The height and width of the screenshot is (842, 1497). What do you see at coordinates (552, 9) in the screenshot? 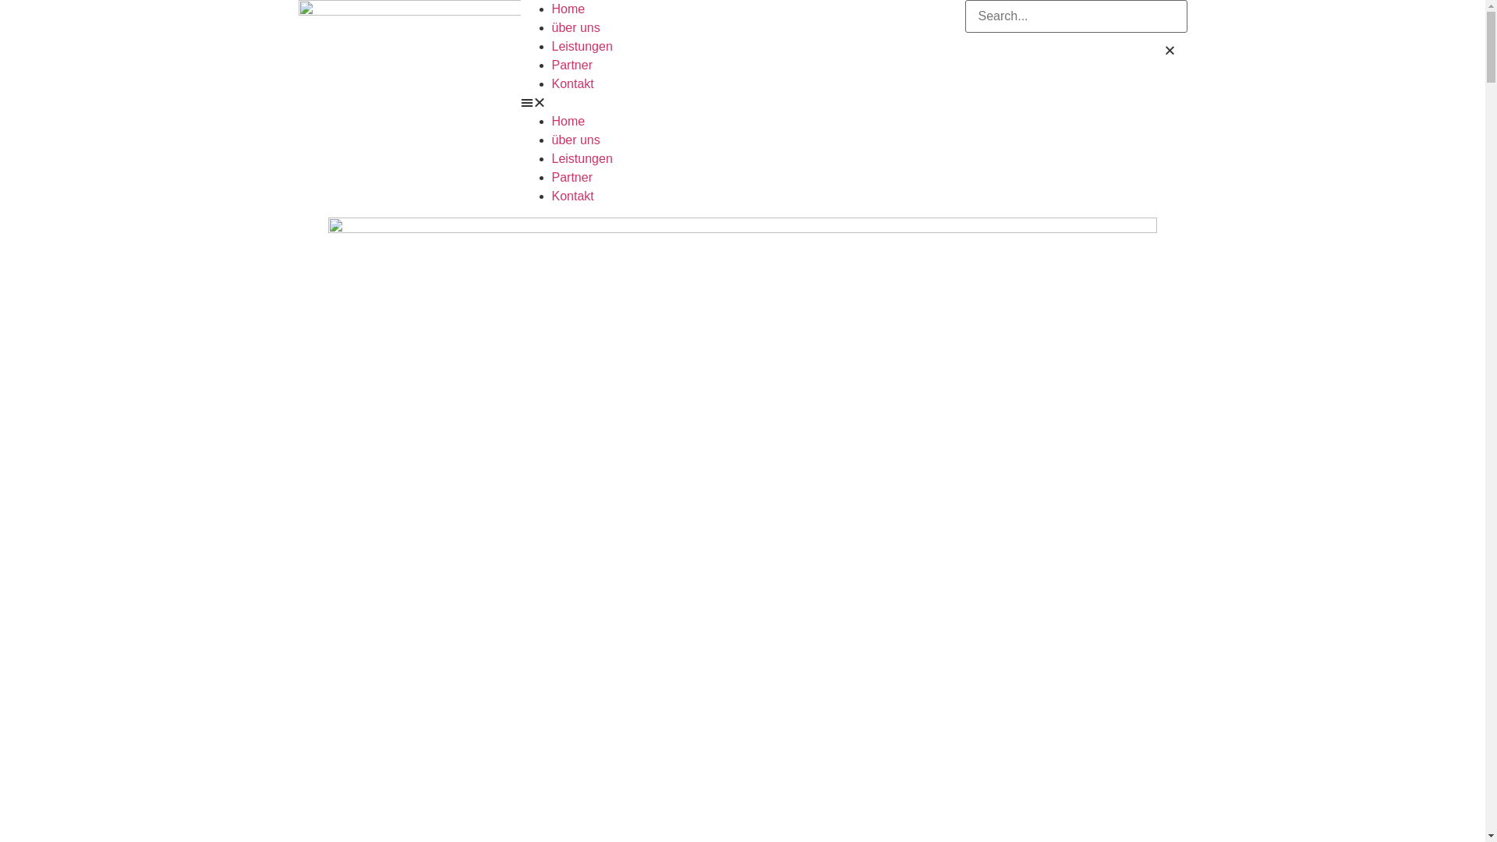
I see `'Home'` at bounding box center [552, 9].